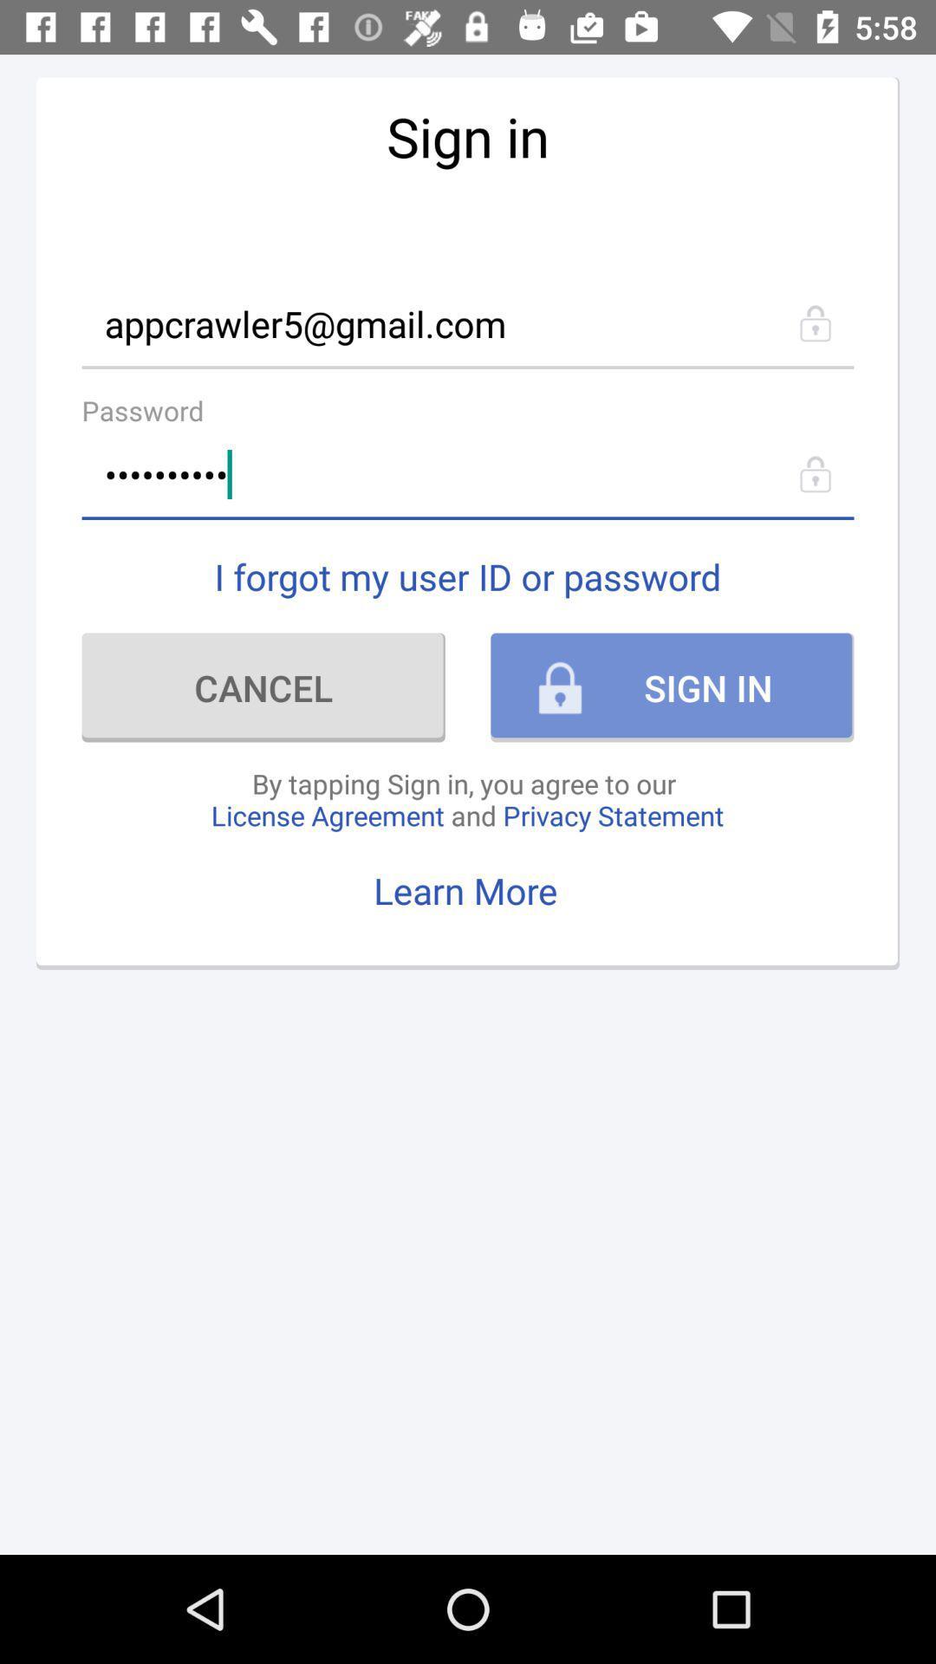  Describe the element at coordinates (263, 686) in the screenshot. I see `icon to the left of the sign in` at that location.